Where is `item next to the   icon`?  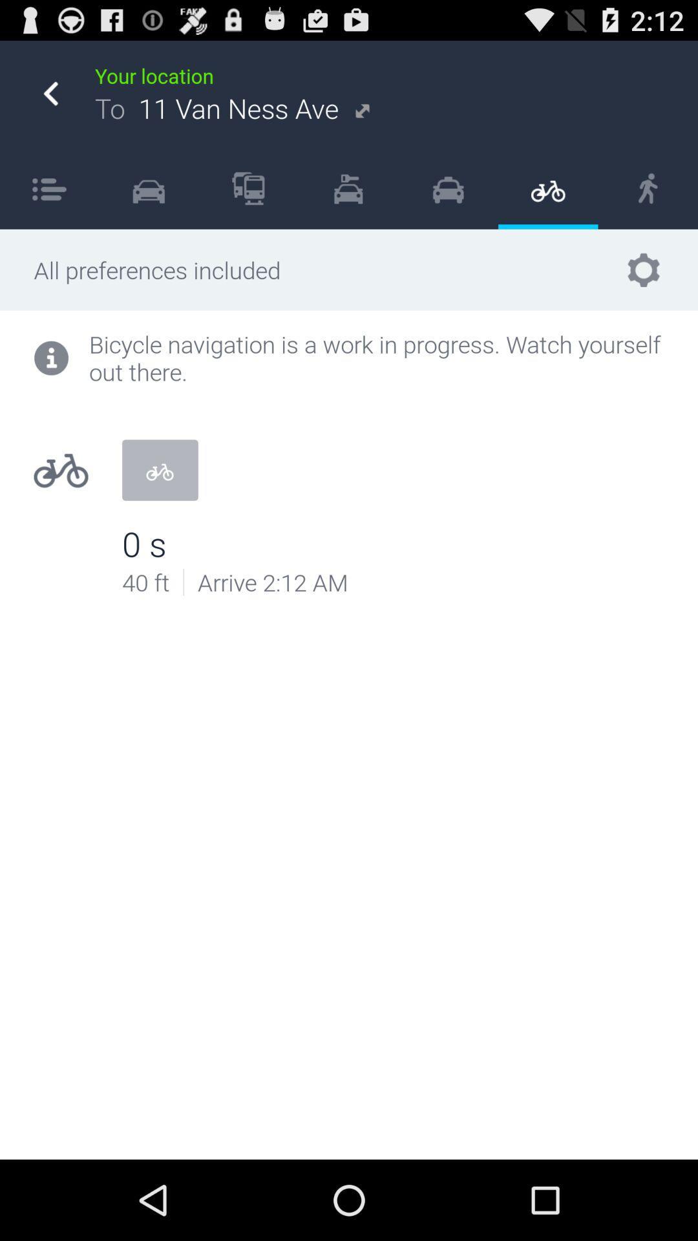
item next to the   icon is located at coordinates (348, 187).